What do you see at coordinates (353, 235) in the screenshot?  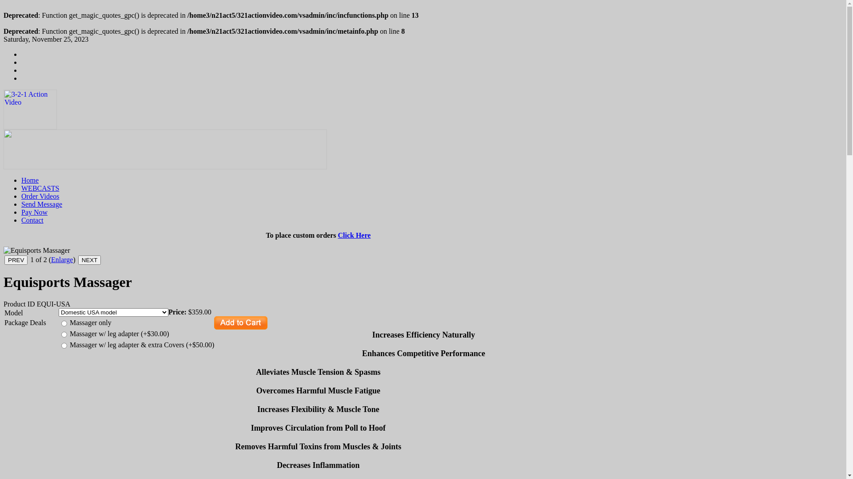 I see `'Click Here'` at bounding box center [353, 235].